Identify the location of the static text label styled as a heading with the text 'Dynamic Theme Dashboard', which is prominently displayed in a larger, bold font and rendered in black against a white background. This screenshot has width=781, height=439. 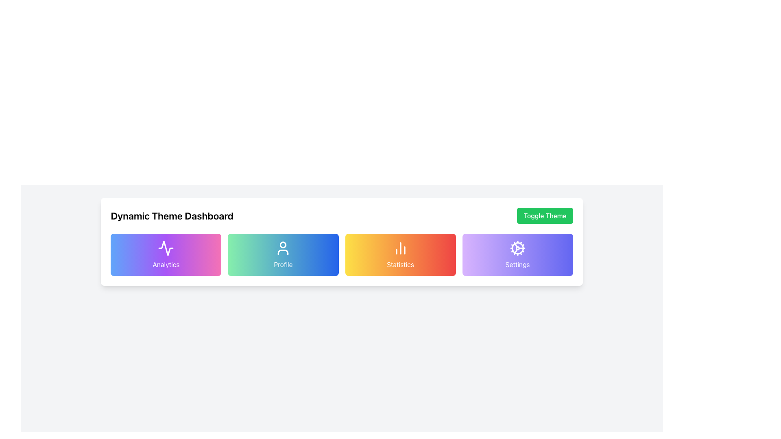
(172, 215).